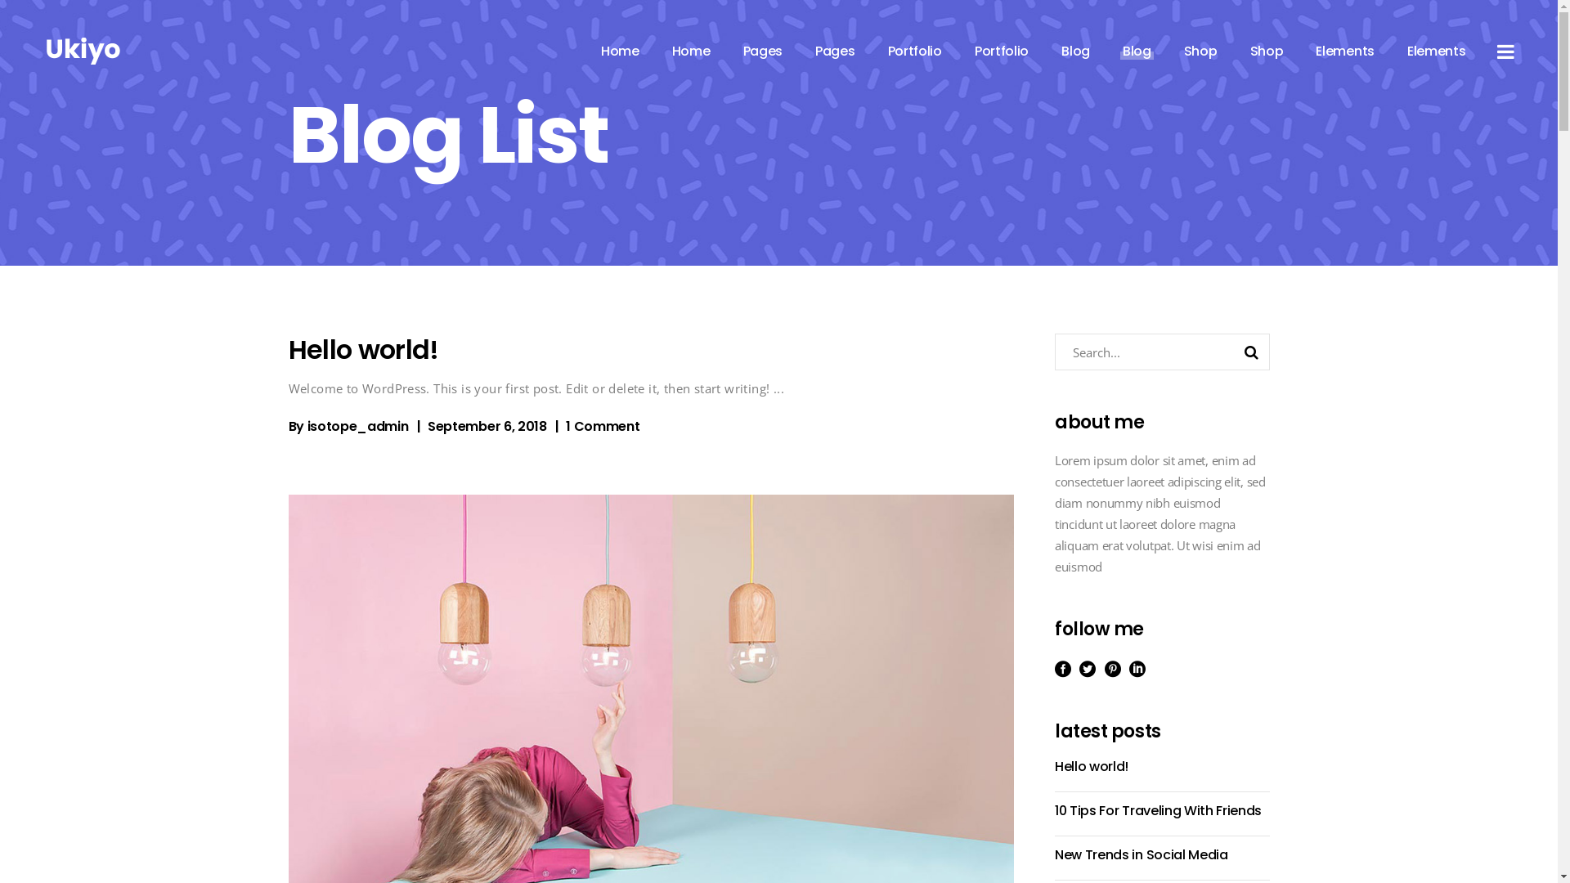 This screenshot has height=883, width=1570. I want to click on 'Shop', so click(1266, 50).